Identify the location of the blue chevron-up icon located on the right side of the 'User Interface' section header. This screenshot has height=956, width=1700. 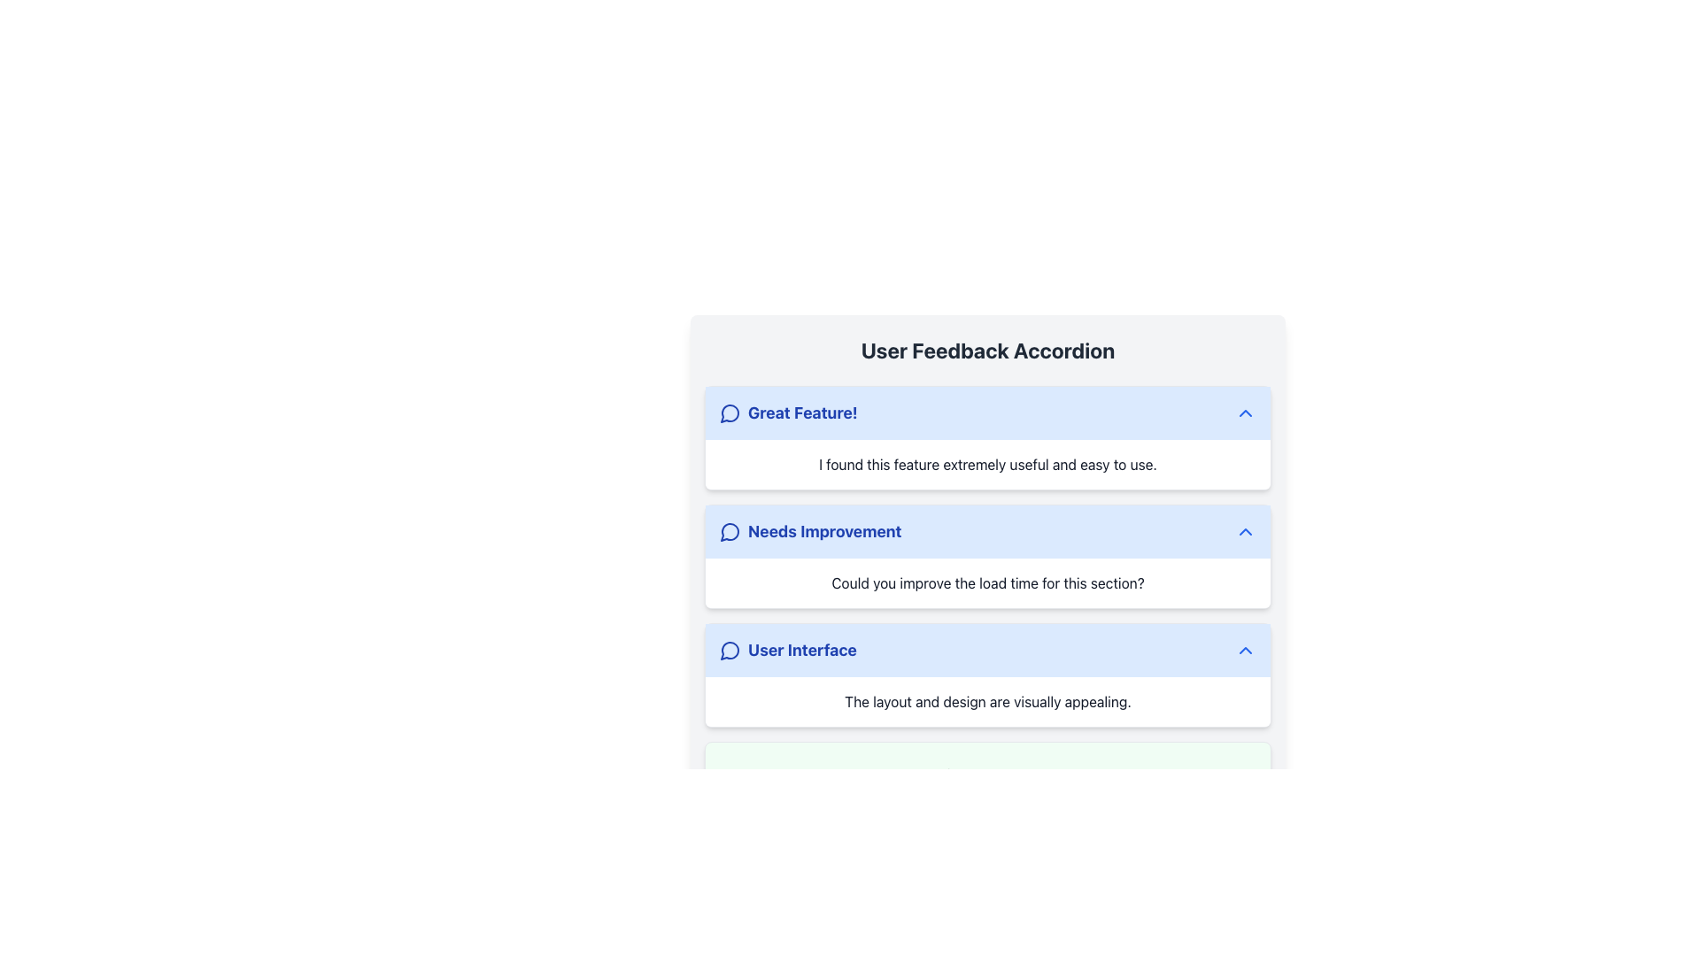
(1244, 651).